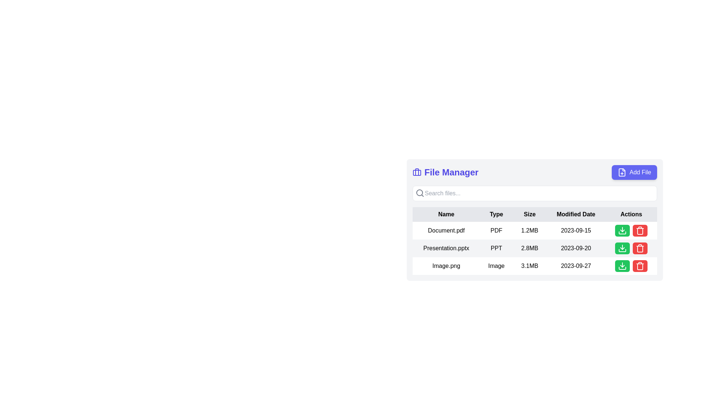 The height and width of the screenshot is (398, 708). What do you see at coordinates (631, 248) in the screenshot?
I see `the delete button for the file 'Presentation.pptx' located` at bounding box center [631, 248].